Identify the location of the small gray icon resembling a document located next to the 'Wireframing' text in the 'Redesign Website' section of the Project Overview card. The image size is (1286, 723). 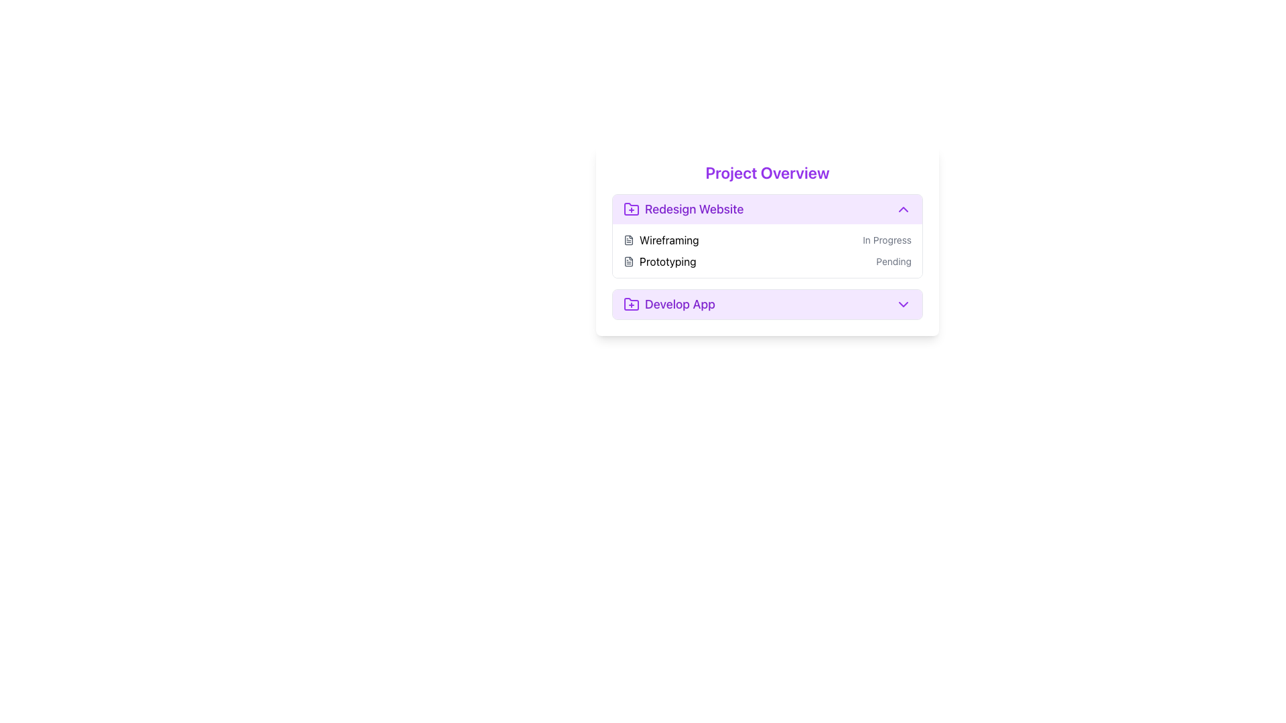
(628, 239).